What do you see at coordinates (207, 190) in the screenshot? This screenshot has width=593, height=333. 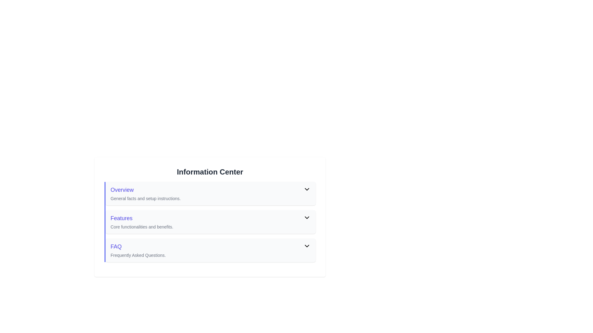 I see `the 'Overview' text label which is styled with a large, bold, indigo font and serves as the first header in the 'Information Center' section` at bounding box center [207, 190].